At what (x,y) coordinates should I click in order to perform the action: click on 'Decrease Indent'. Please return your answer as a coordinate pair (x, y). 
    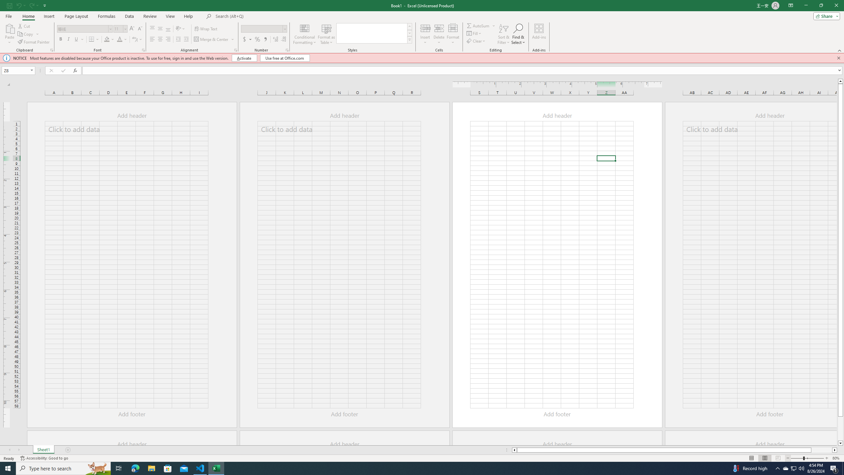
    Looking at the image, I should click on (178, 39).